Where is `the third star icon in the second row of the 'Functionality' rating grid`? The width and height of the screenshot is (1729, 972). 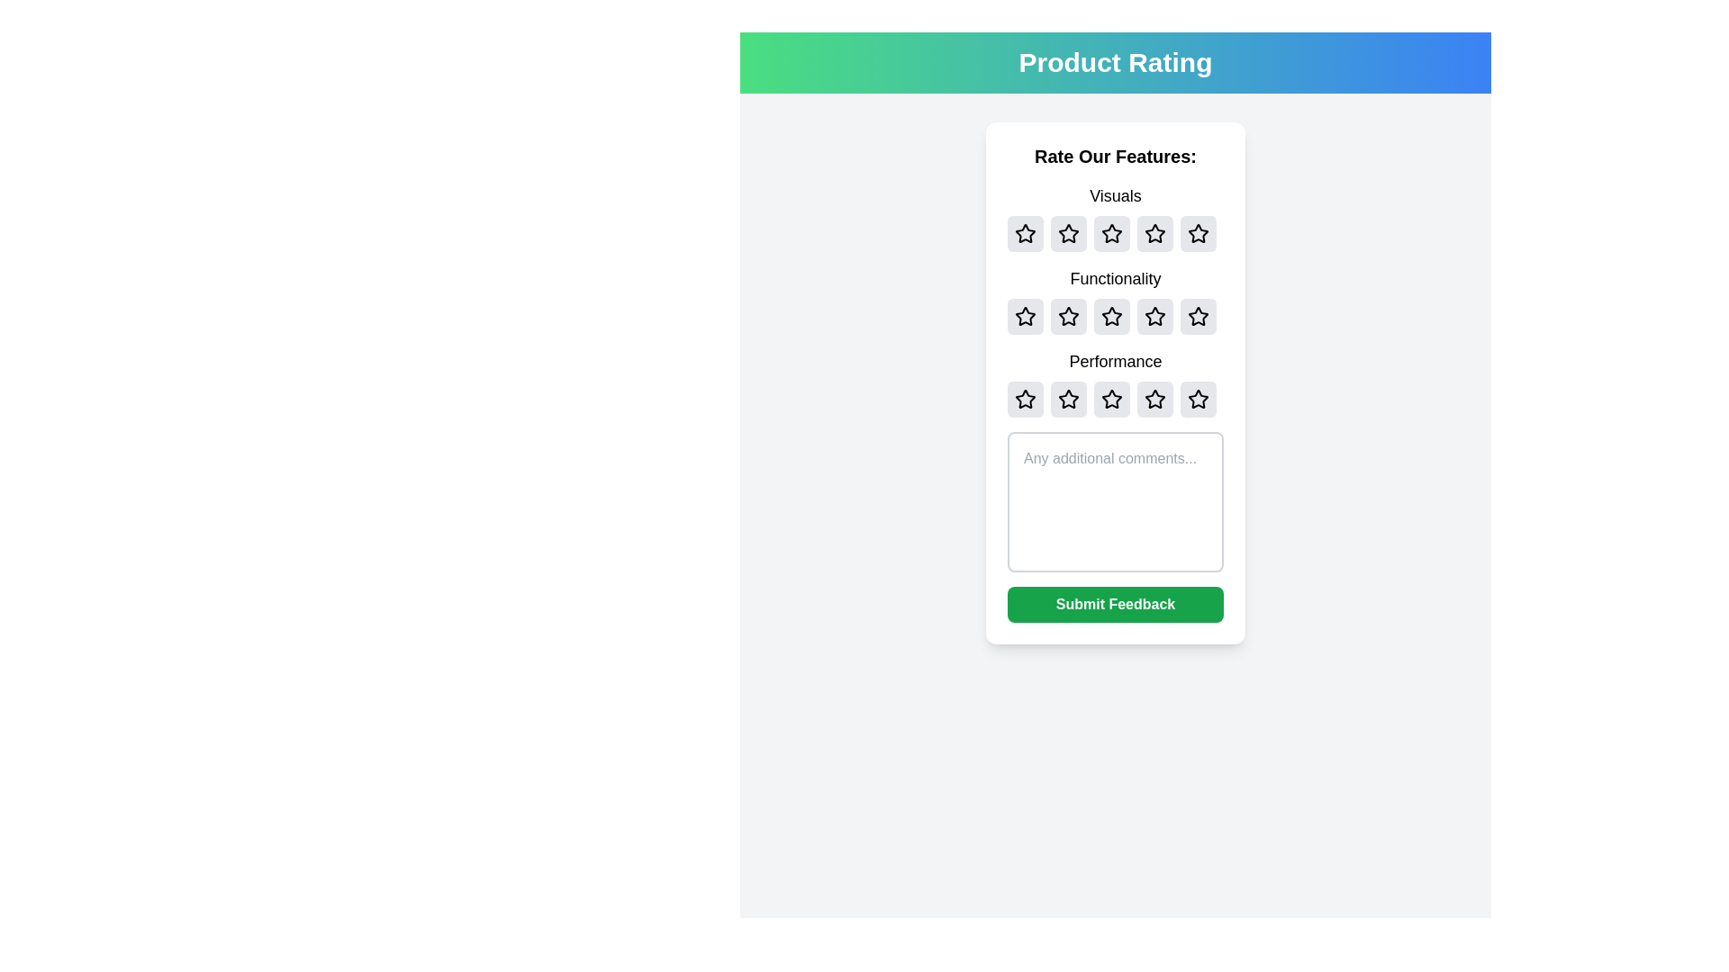
the third star icon in the second row of the 'Functionality' rating grid is located at coordinates (1154, 315).